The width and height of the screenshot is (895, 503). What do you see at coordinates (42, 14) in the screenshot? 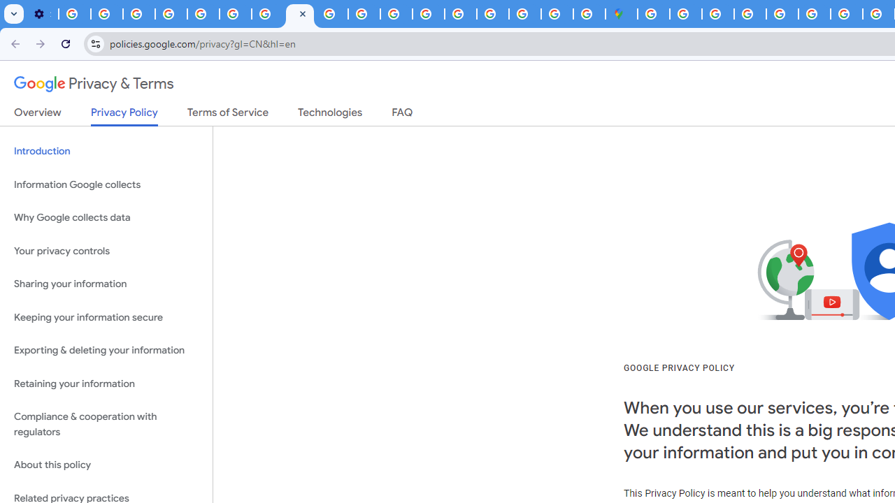
I see `'Settings - Customize profile'` at bounding box center [42, 14].